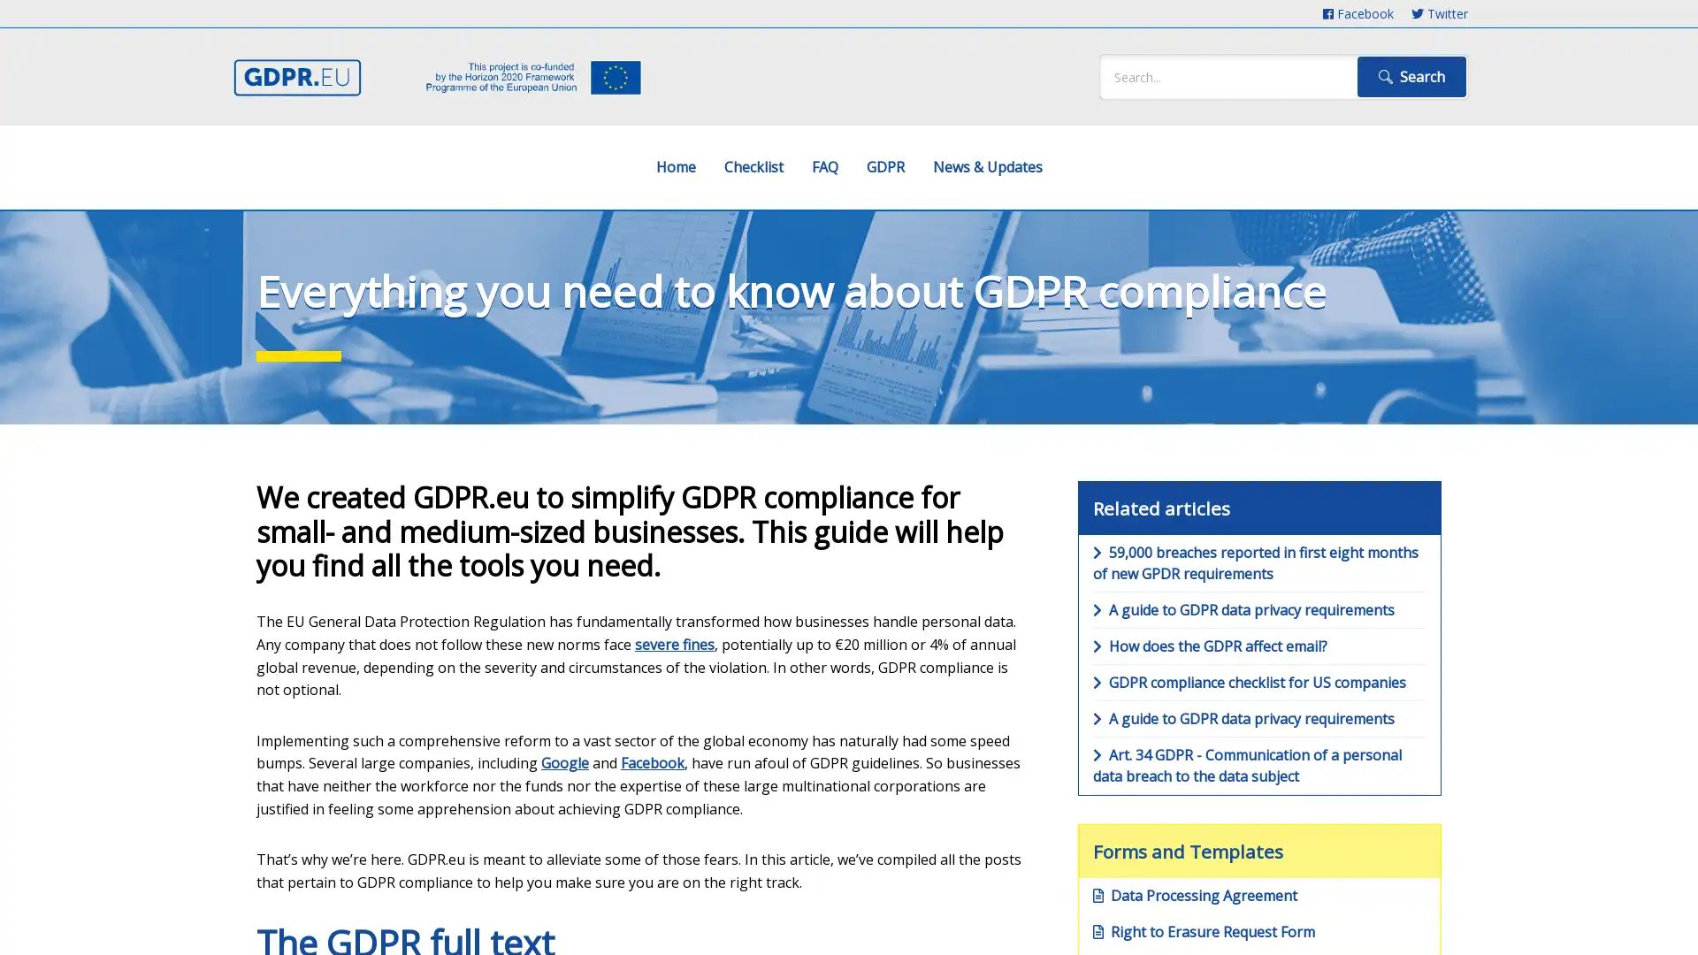 The image size is (1698, 955). Describe the element at coordinates (1411, 76) in the screenshot. I see `Search` at that location.